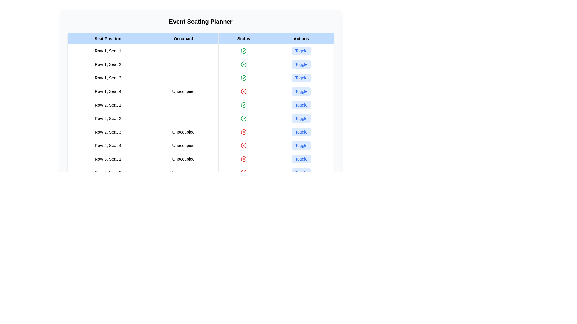  I want to click on the status icon in the 'Status' column of 'Row 3, Seat 1', which indicates an unavailable or unoccupied state, so click(244, 158).